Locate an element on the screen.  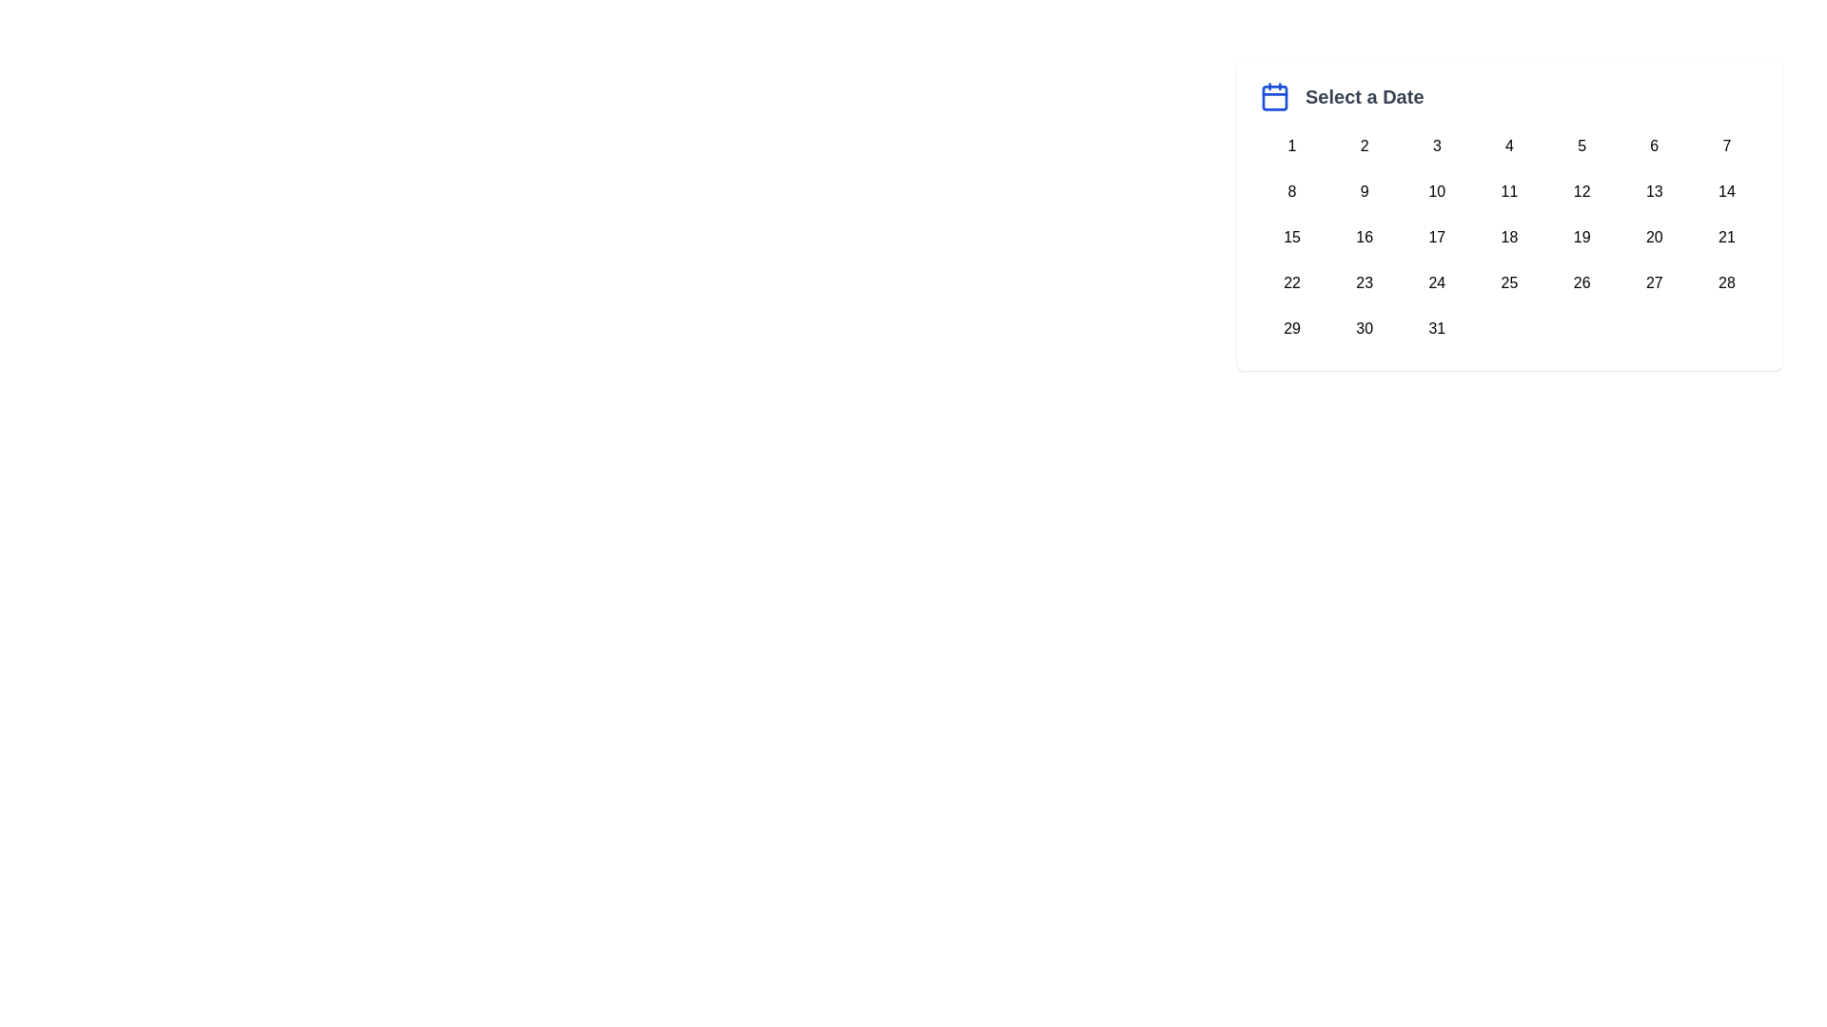
the rectangular button labeled '24' in the calendar UI is located at coordinates (1437, 282).